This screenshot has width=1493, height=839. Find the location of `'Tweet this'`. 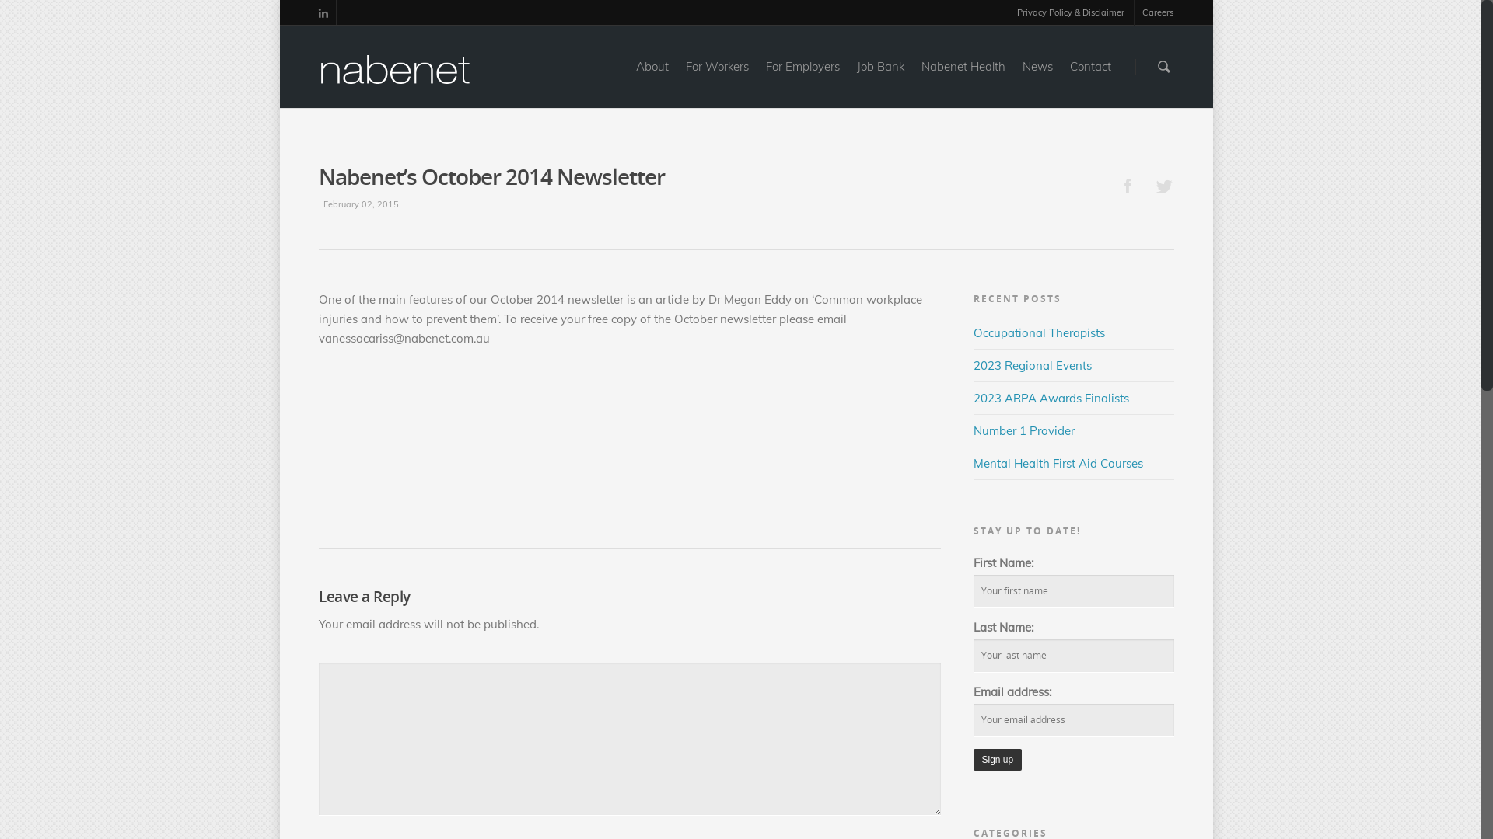

'Tweet this' is located at coordinates (1159, 186).